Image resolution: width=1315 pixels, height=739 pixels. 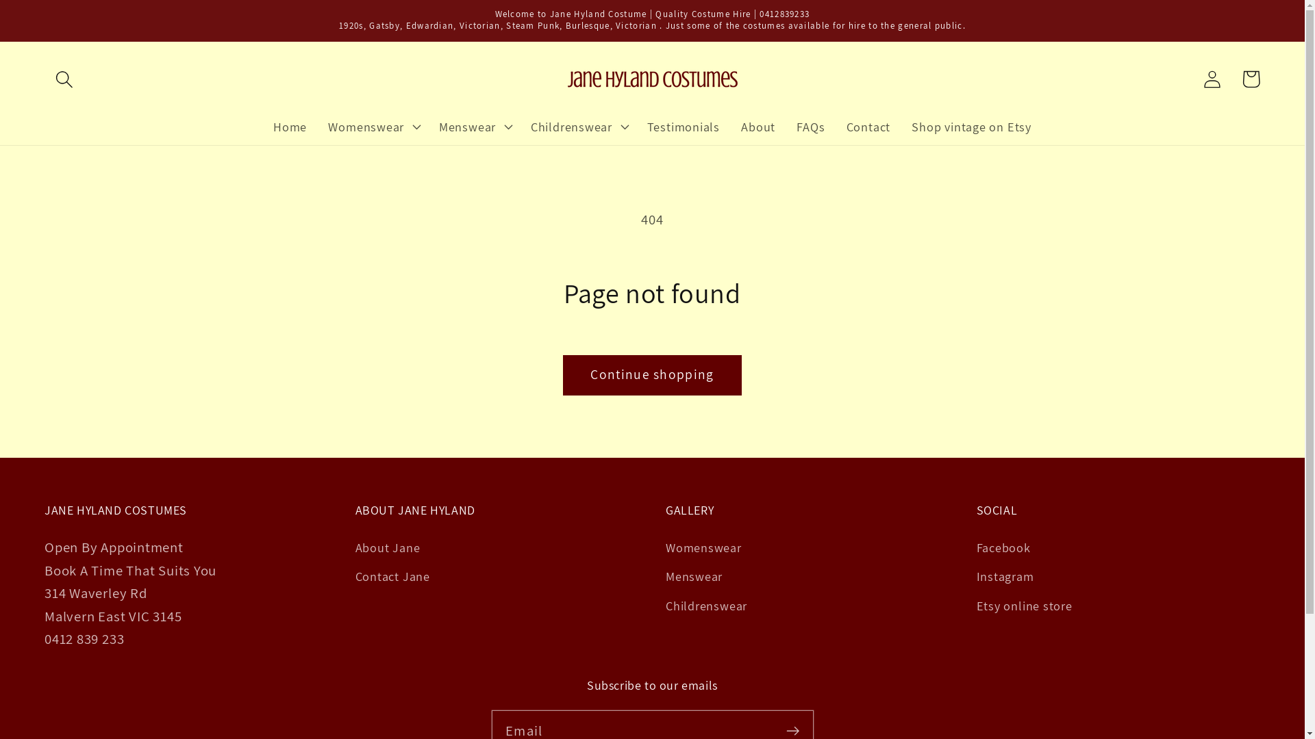 I want to click on 'Contact', so click(x=834, y=127).